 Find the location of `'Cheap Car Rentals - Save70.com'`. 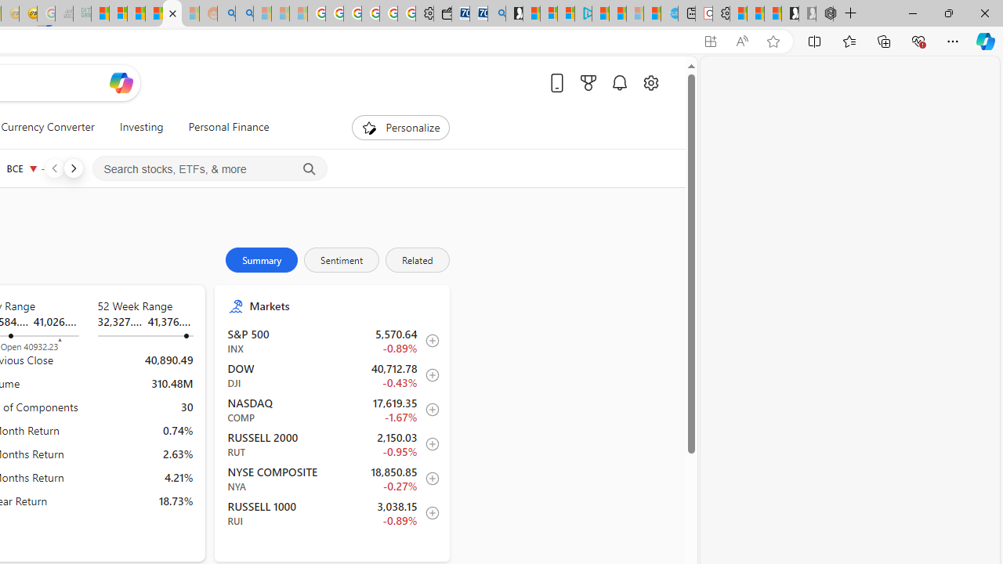

'Cheap Car Rentals - Save70.com' is located at coordinates (478, 13).